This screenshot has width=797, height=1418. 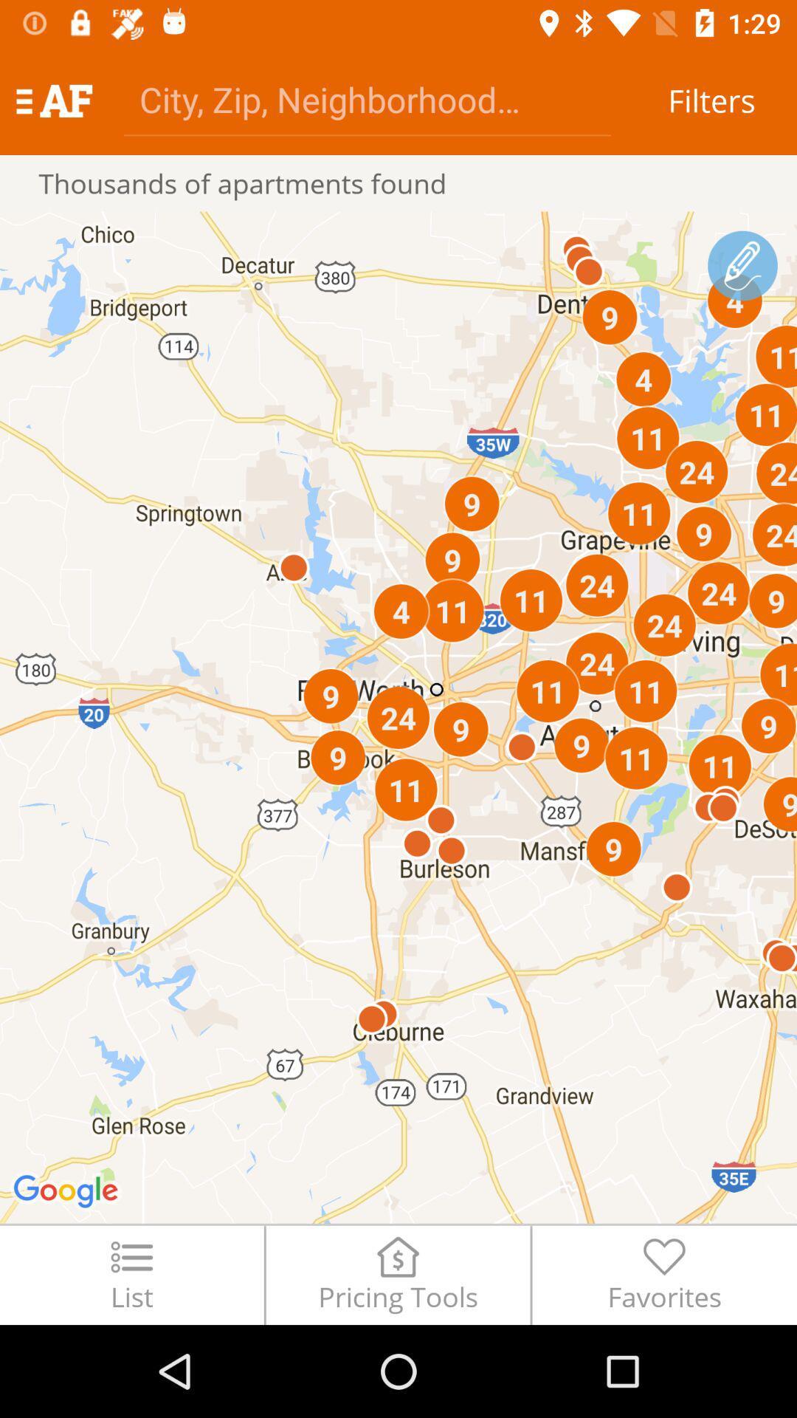 I want to click on the filters, so click(x=711, y=100).